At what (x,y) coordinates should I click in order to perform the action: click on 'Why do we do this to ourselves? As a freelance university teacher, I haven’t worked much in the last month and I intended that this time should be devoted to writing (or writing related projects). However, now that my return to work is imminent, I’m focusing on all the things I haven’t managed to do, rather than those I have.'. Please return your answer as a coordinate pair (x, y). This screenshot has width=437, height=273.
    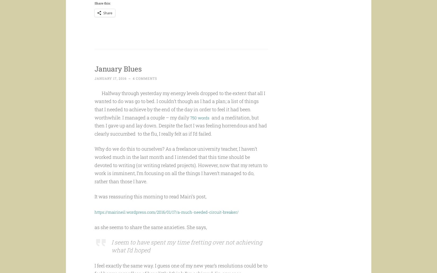
    Looking at the image, I should click on (180, 175).